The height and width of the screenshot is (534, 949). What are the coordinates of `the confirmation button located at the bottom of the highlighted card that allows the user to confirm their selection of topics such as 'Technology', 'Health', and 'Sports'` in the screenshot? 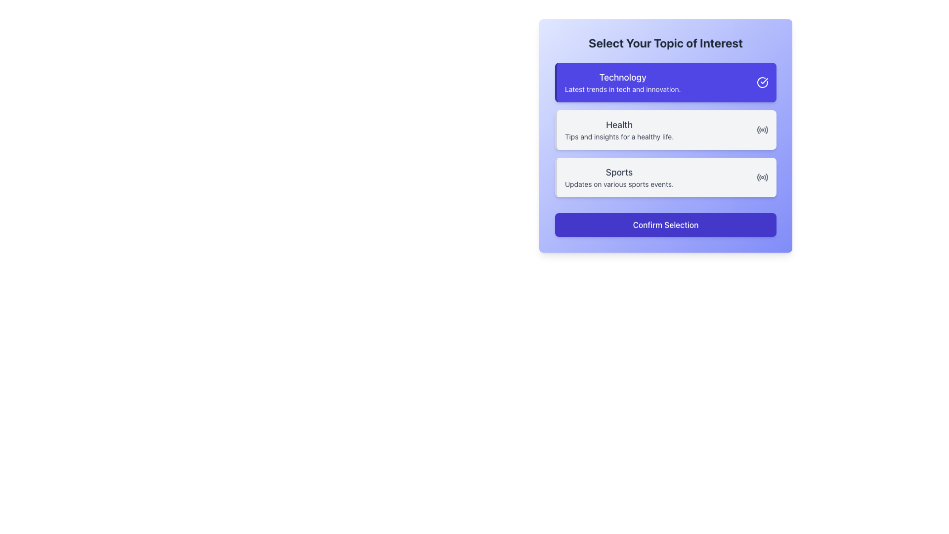 It's located at (666, 225).